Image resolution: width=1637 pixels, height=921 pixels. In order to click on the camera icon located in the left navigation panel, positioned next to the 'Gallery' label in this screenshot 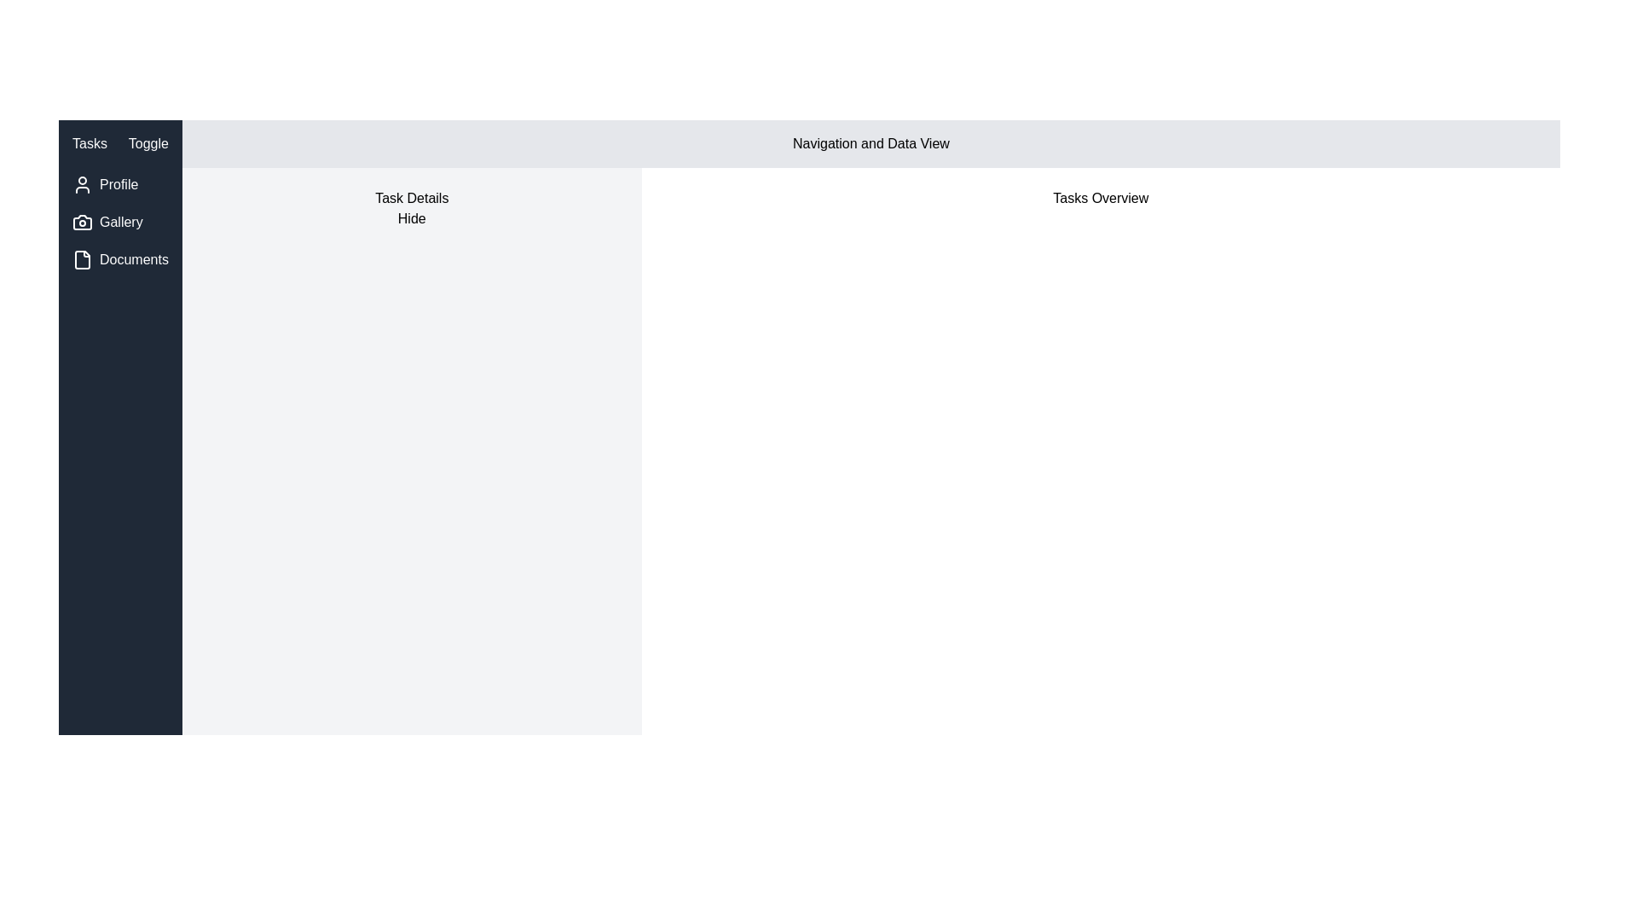, I will do `click(81, 222)`.